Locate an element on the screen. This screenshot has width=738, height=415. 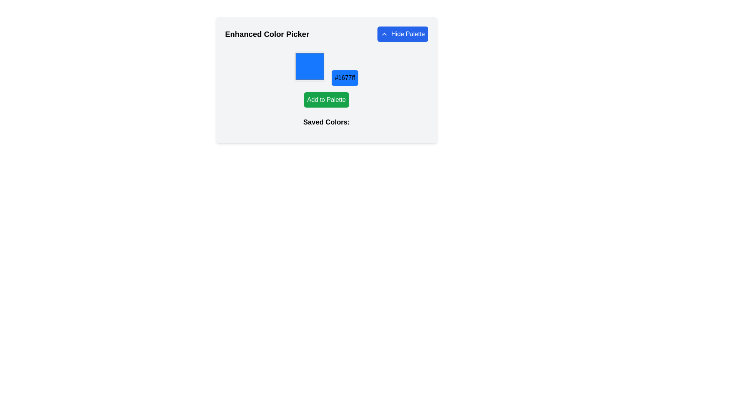
the toggle button located in the top-right corner of the interface, adjacent to the 'Enhanced Color Picker' text is located at coordinates (402, 33).